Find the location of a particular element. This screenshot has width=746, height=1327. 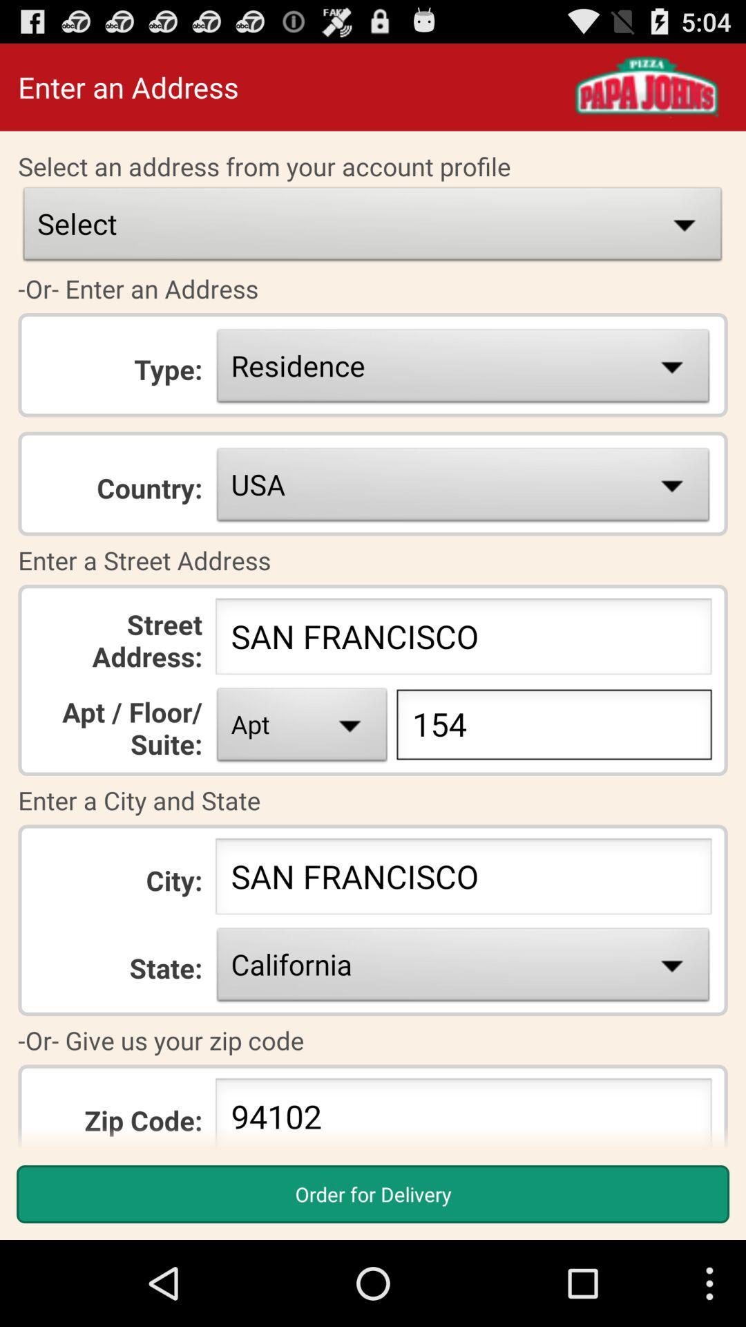

type san francisco just to the right of city is located at coordinates (463, 879).